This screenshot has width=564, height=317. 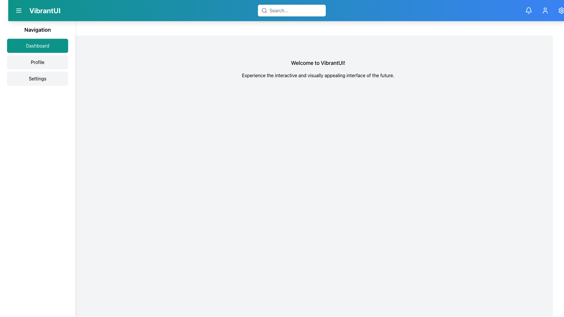 I want to click on the search icon located within the search bar at the top-center of the page, aligned towards the left side near the placeholder text 'Search...', so click(x=264, y=10).